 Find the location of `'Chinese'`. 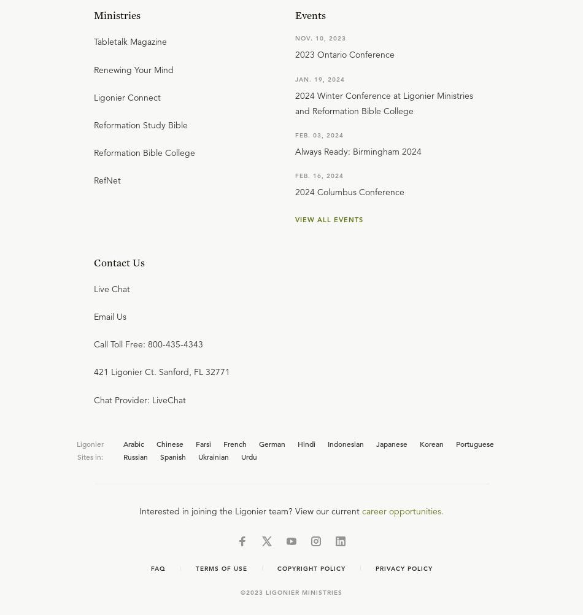

'Chinese' is located at coordinates (168, 443).